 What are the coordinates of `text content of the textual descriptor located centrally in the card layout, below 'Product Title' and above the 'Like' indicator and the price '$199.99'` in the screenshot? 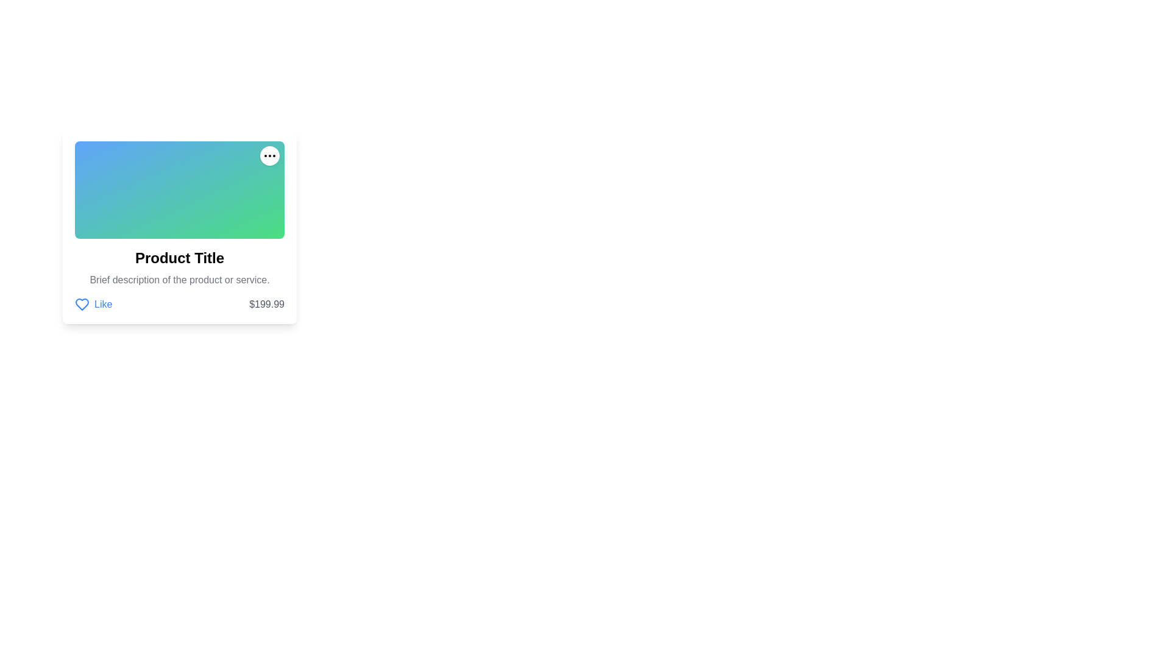 It's located at (179, 280).